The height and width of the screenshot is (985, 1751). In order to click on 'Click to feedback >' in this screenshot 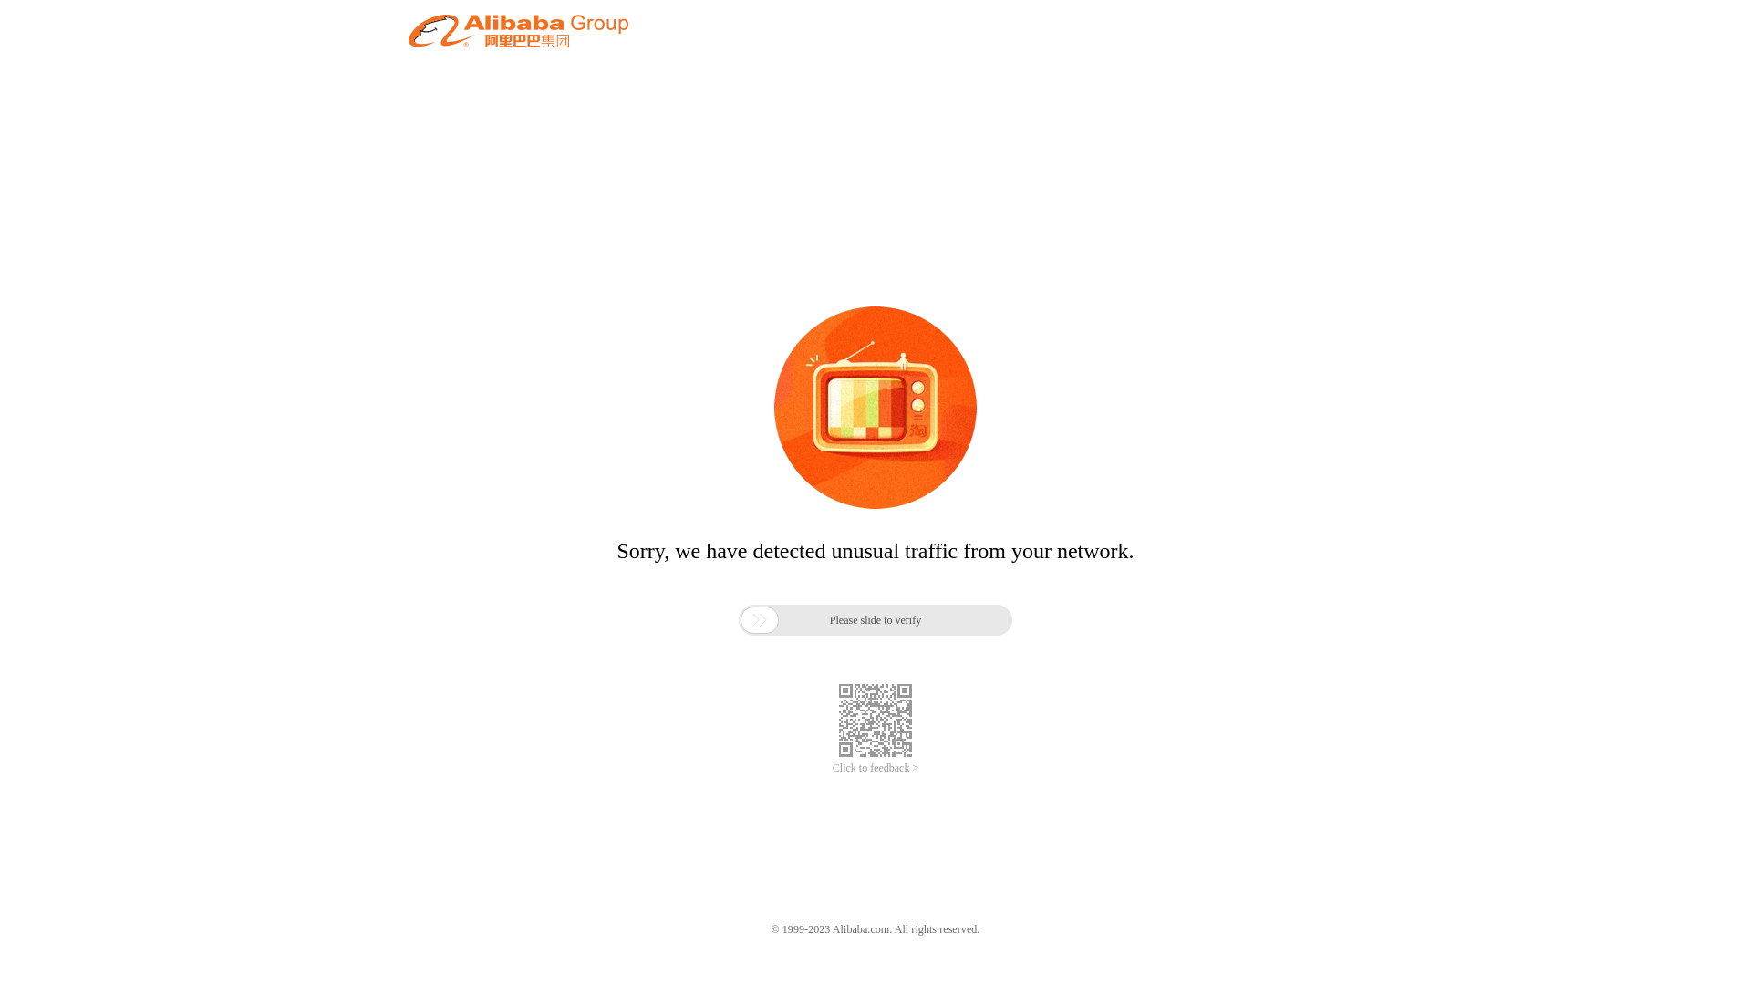, I will do `click(875, 768)`.